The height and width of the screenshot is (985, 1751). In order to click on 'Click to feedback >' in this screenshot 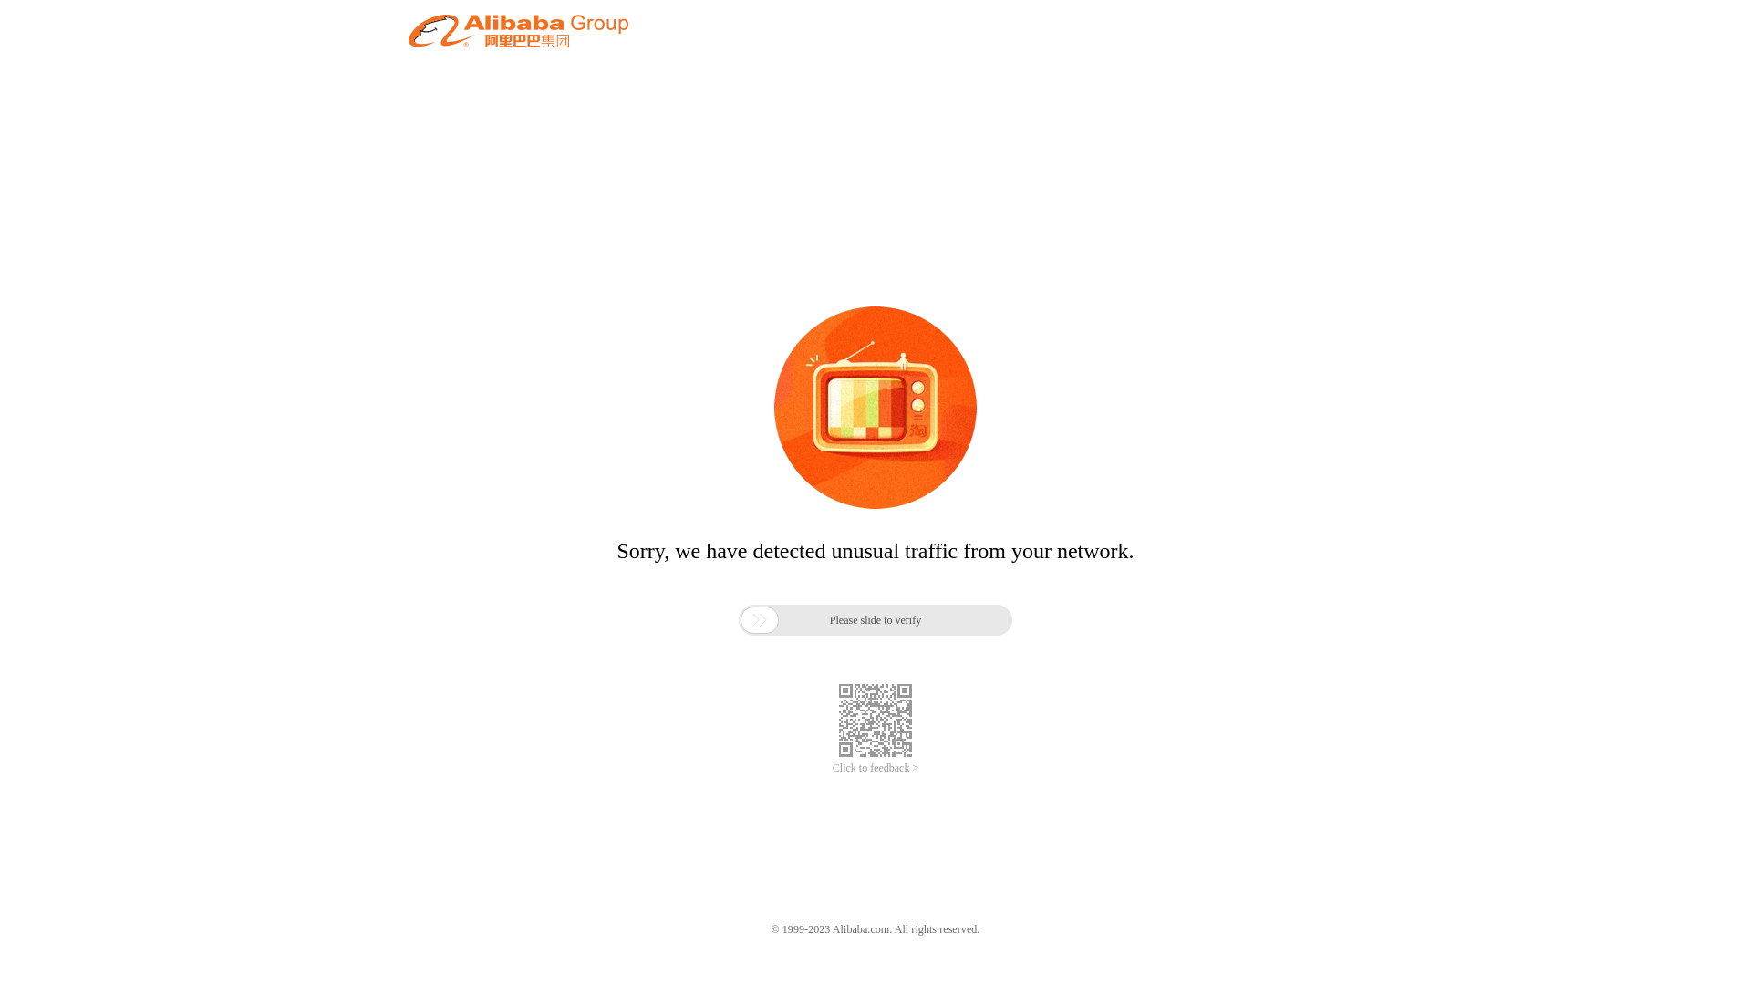, I will do `click(875, 768)`.